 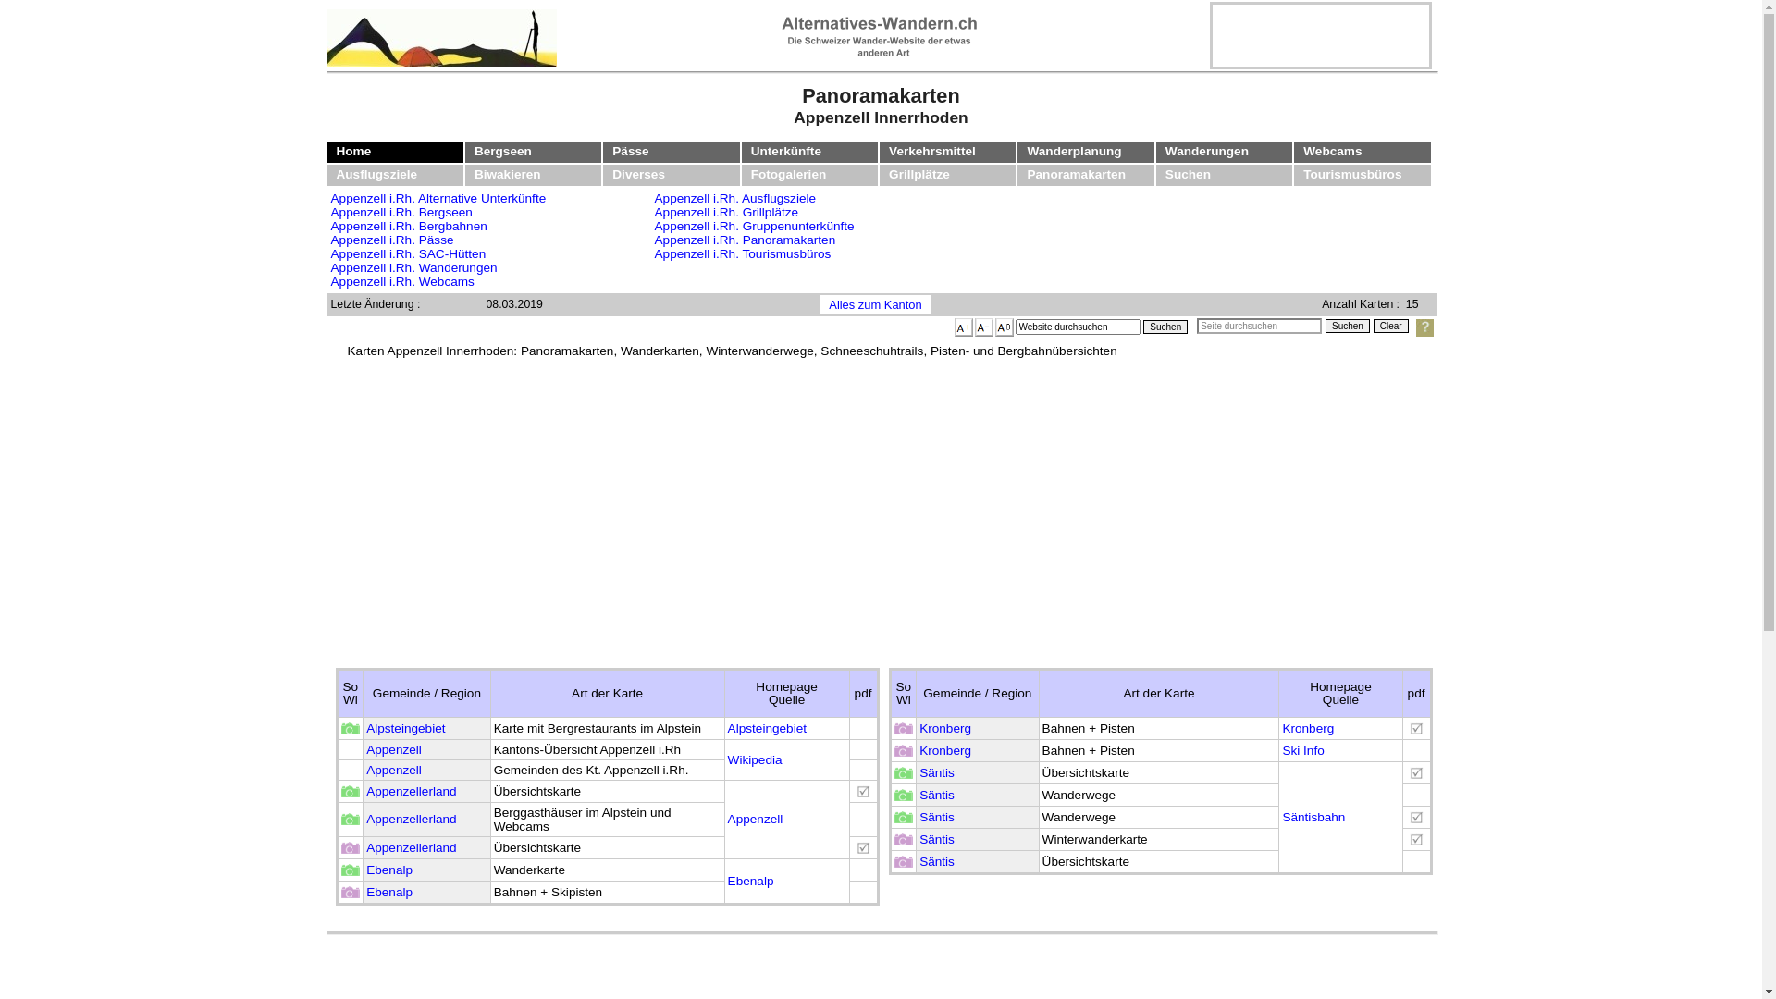 What do you see at coordinates (873, 303) in the screenshot?
I see `'Alles zum Kanton'` at bounding box center [873, 303].